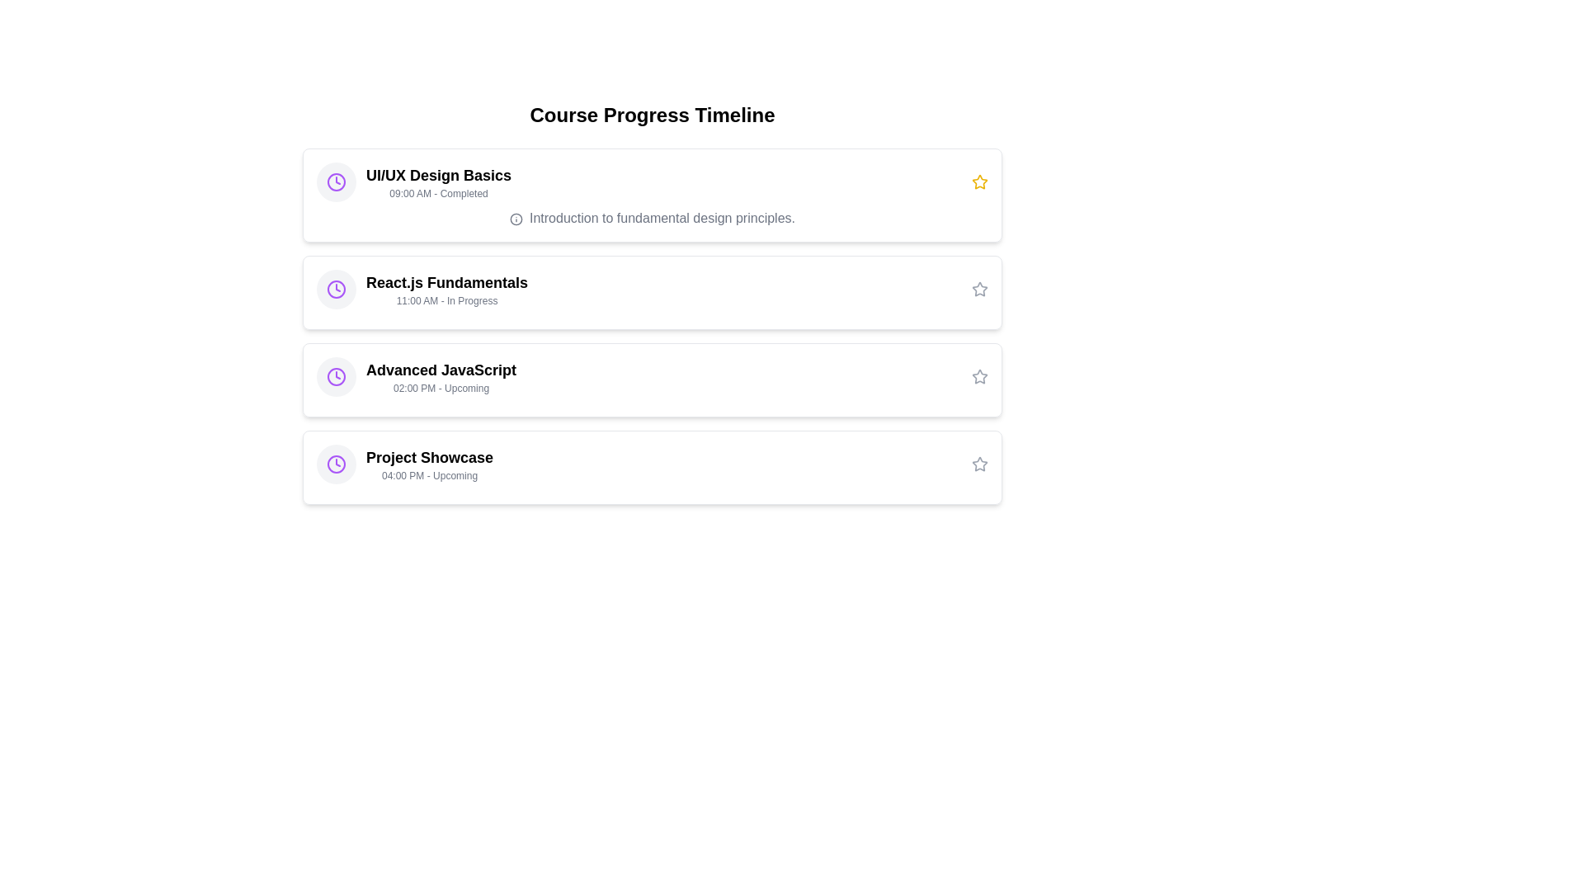 Image resolution: width=1584 pixels, height=891 pixels. I want to click on the Text Label indicating the upcoming event titled 'Project Showcase' scheduled for 04:00 PM, located in the bottom-most row of the Course Progress Timeline, so click(430, 464).